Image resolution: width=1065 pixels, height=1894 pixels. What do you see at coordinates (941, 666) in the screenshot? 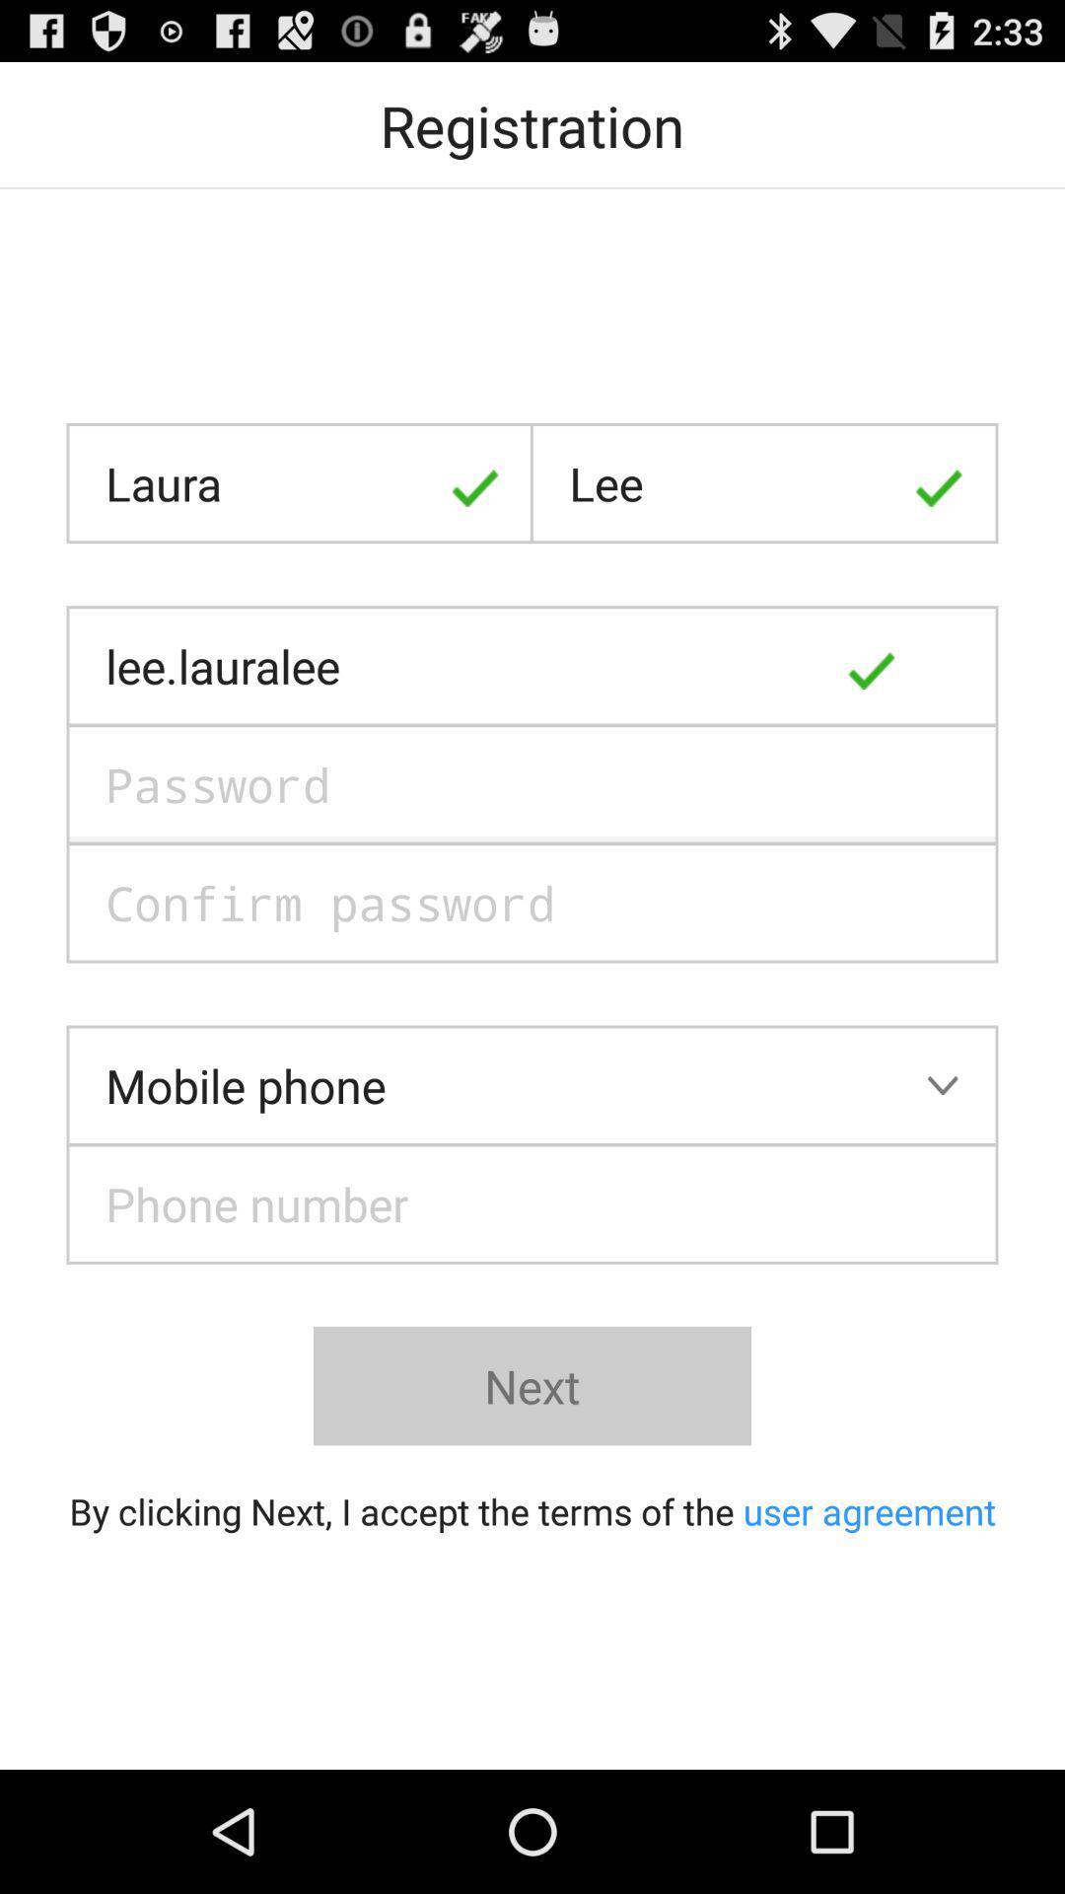
I see `the item on the right` at bounding box center [941, 666].